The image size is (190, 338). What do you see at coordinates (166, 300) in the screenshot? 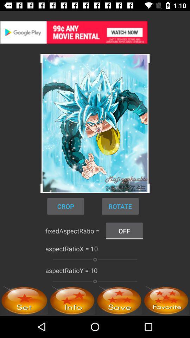
I see `open favorite` at bounding box center [166, 300].